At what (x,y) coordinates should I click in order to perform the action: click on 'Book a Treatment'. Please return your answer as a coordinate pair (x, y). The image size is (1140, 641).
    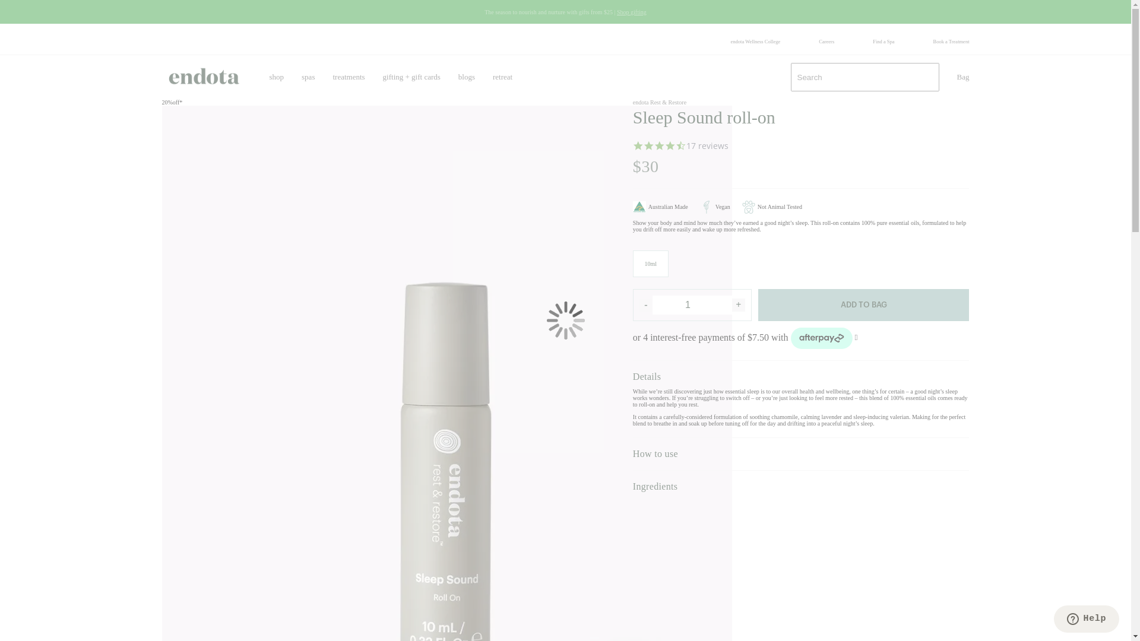
    Looking at the image, I should click on (932, 40).